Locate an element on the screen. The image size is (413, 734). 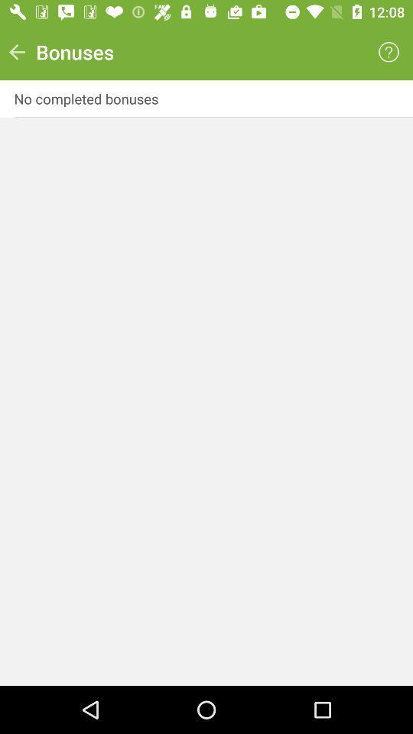
the icon to the left of the bonuses icon is located at coordinates (16, 52).